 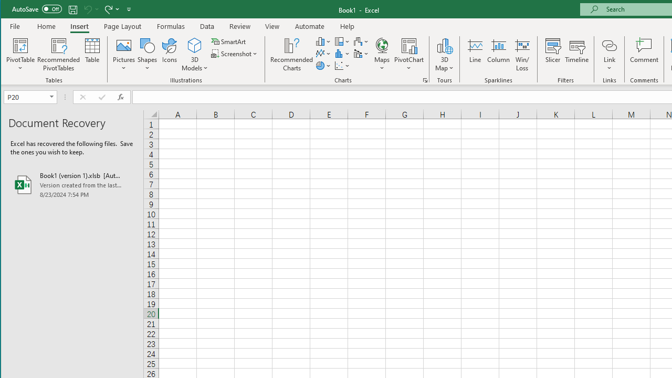 What do you see at coordinates (195, 45) in the screenshot?
I see `'3D Models'` at bounding box center [195, 45].